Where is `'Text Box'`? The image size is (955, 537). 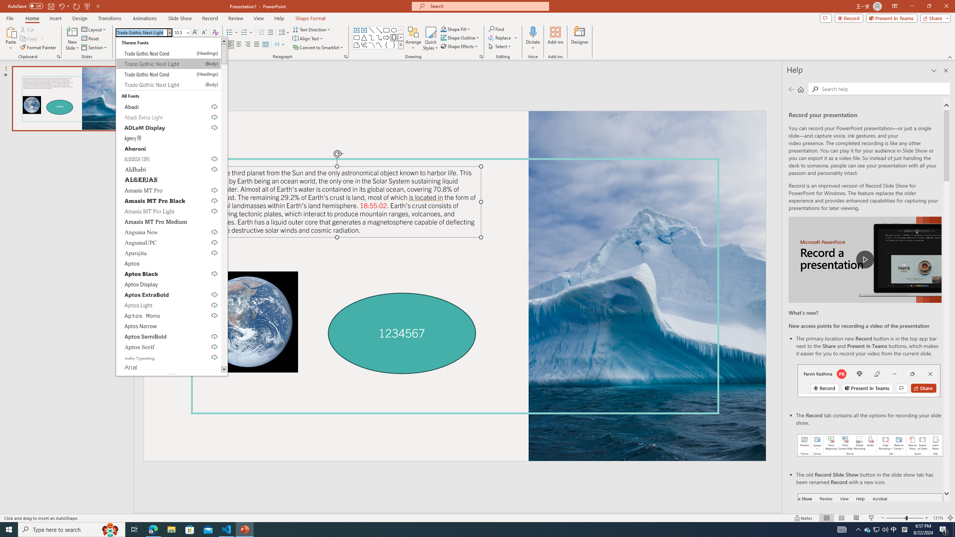
'Text Box' is located at coordinates (356, 30).